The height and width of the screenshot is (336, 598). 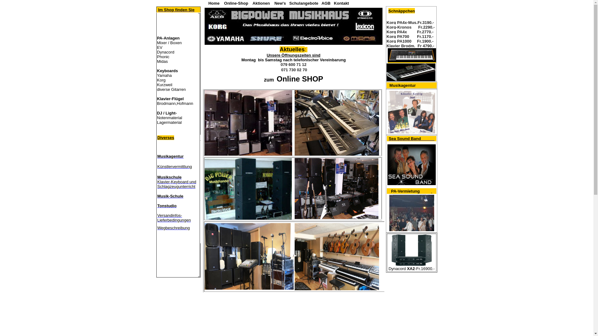 What do you see at coordinates (304, 3) in the screenshot?
I see `'Schulangebote'` at bounding box center [304, 3].